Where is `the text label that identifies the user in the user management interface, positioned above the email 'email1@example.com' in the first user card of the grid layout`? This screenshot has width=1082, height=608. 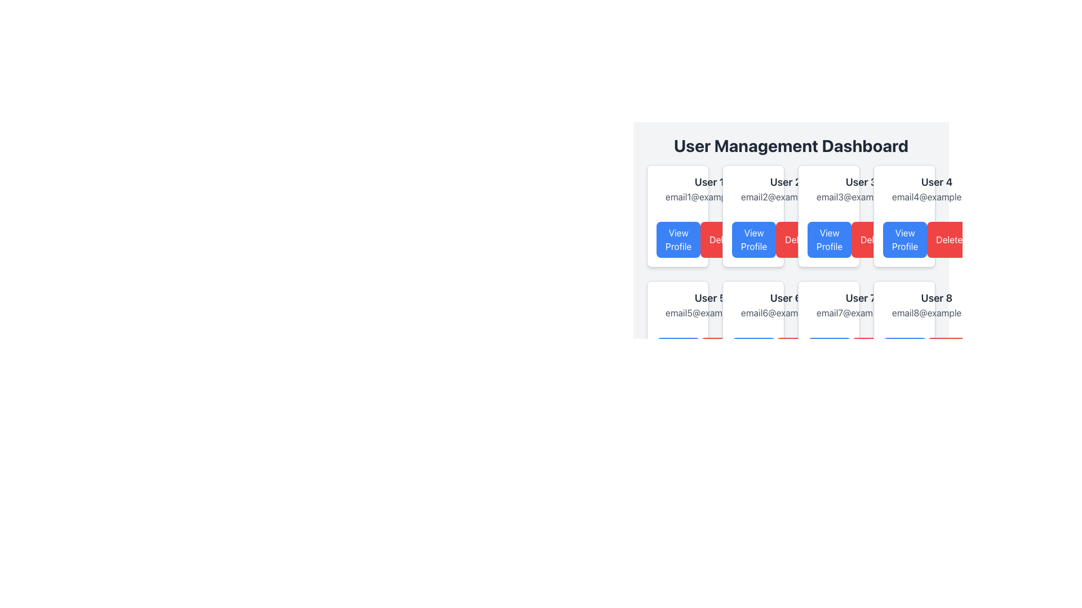
the text label that identifies the user in the user management interface, positioned above the email 'email1@example.com' in the first user card of the grid layout is located at coordinates (708, 182).